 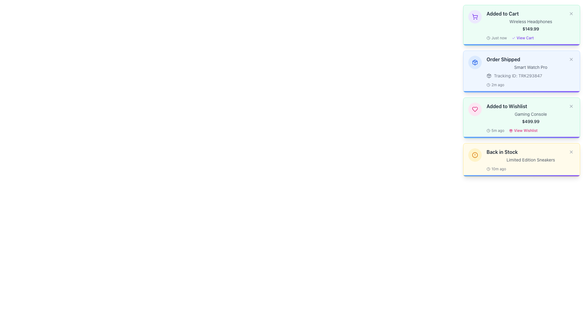 I want to click on the appearance of the package icon located to the left of the 'Tracking ID: TRK293847' text in the 'Order Shipped' notification box, so click(x=489, y=76).